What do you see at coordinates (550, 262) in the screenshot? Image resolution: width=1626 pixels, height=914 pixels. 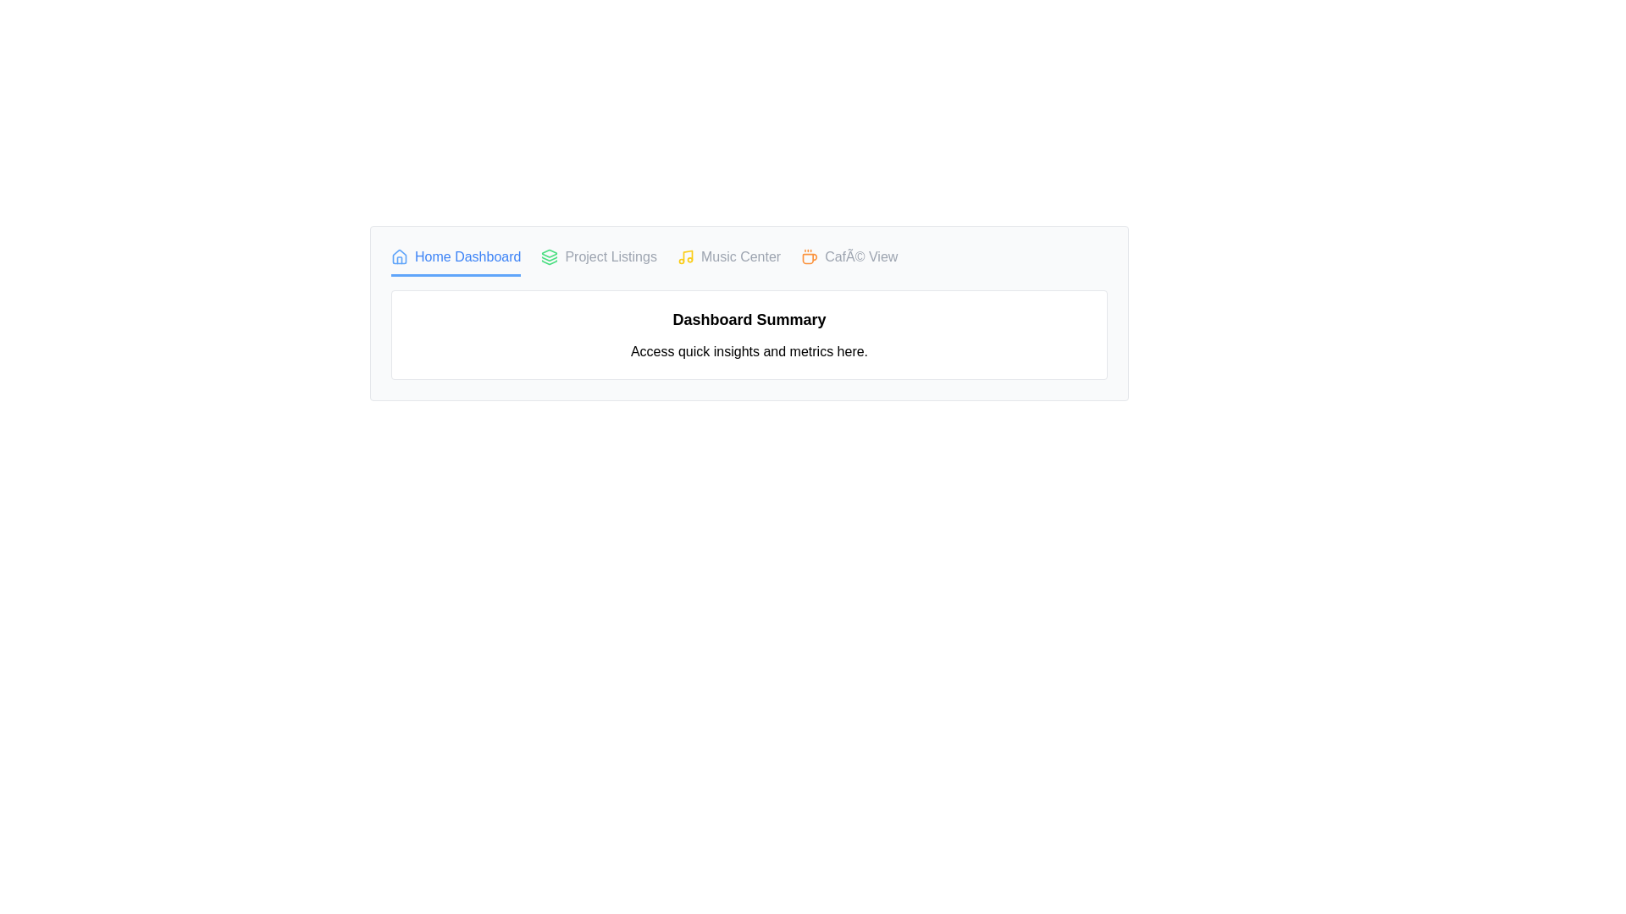 I see `the lowest triangular segment of the Decorative vector icon within the 'Project Listings' navigation bar, which visually represents three stacked triangular layers` at bounding box center [550, 262].